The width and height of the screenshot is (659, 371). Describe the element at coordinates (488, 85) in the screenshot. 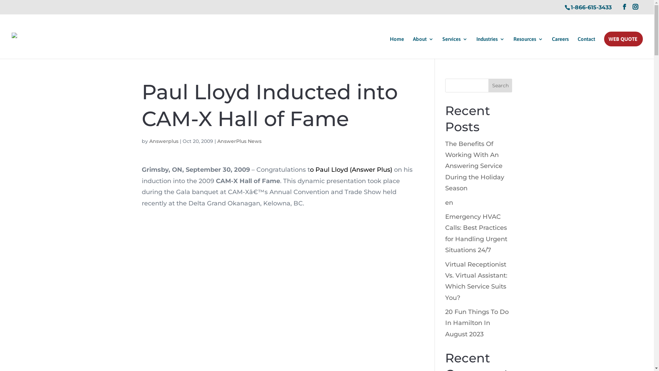

I see `'Search'` at that location.